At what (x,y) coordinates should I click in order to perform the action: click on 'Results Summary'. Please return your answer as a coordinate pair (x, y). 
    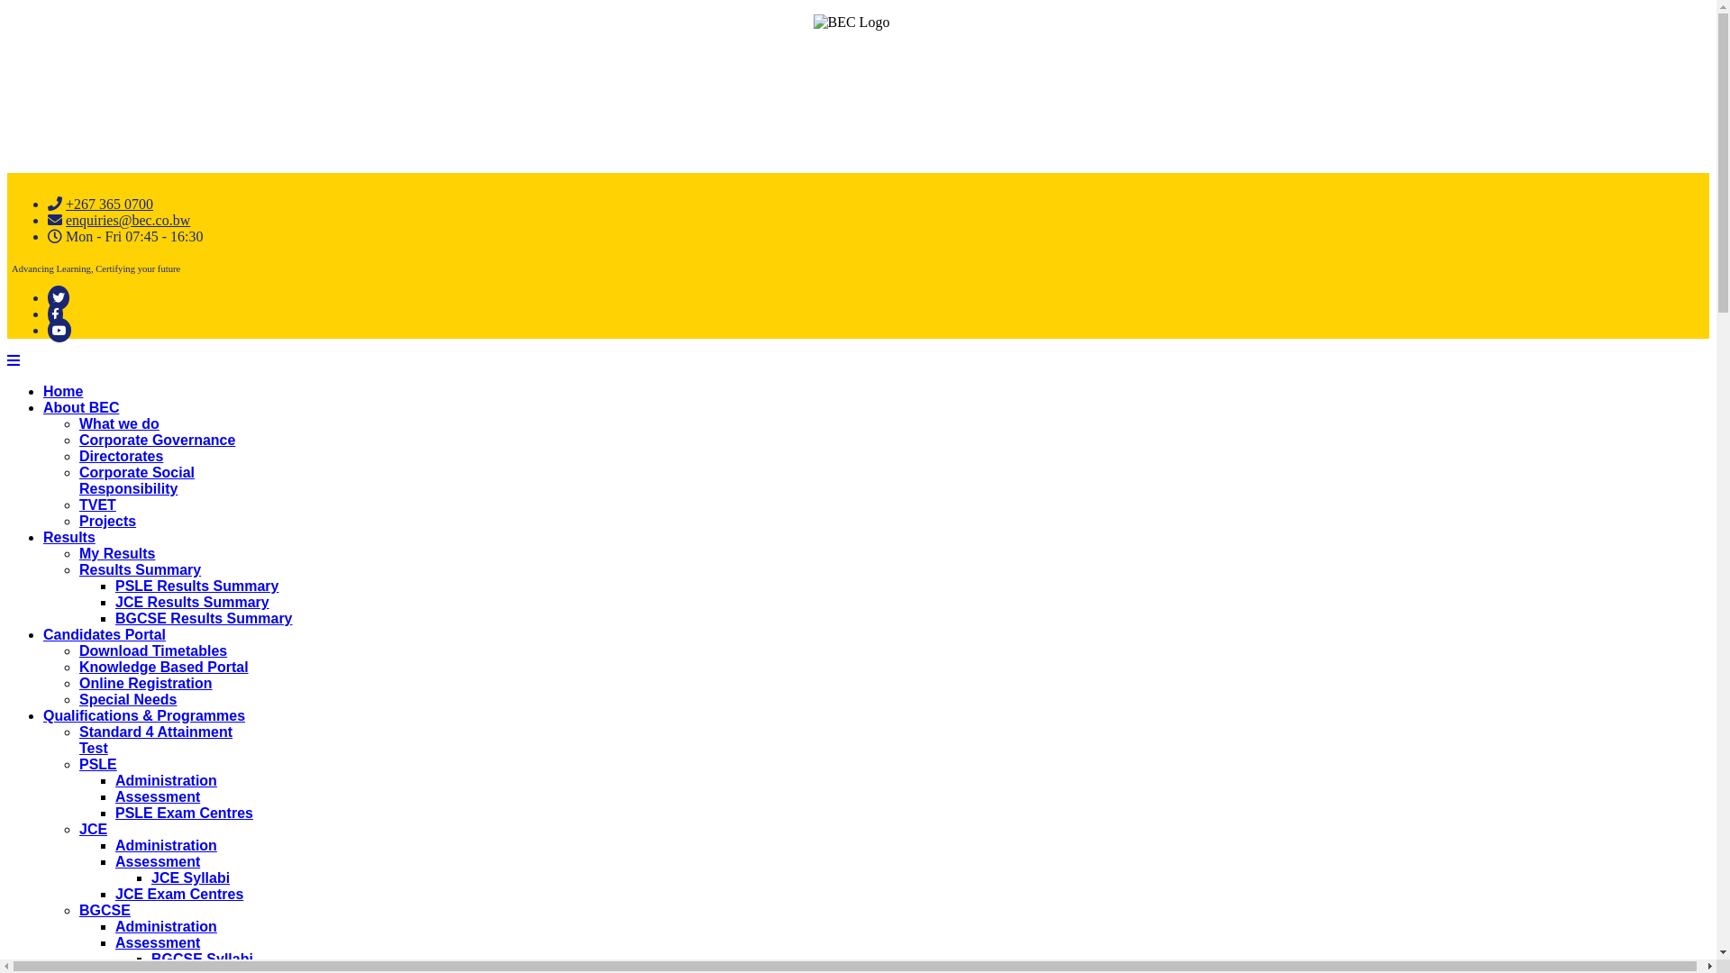
    Looking at the image, I should click on (139, 569).